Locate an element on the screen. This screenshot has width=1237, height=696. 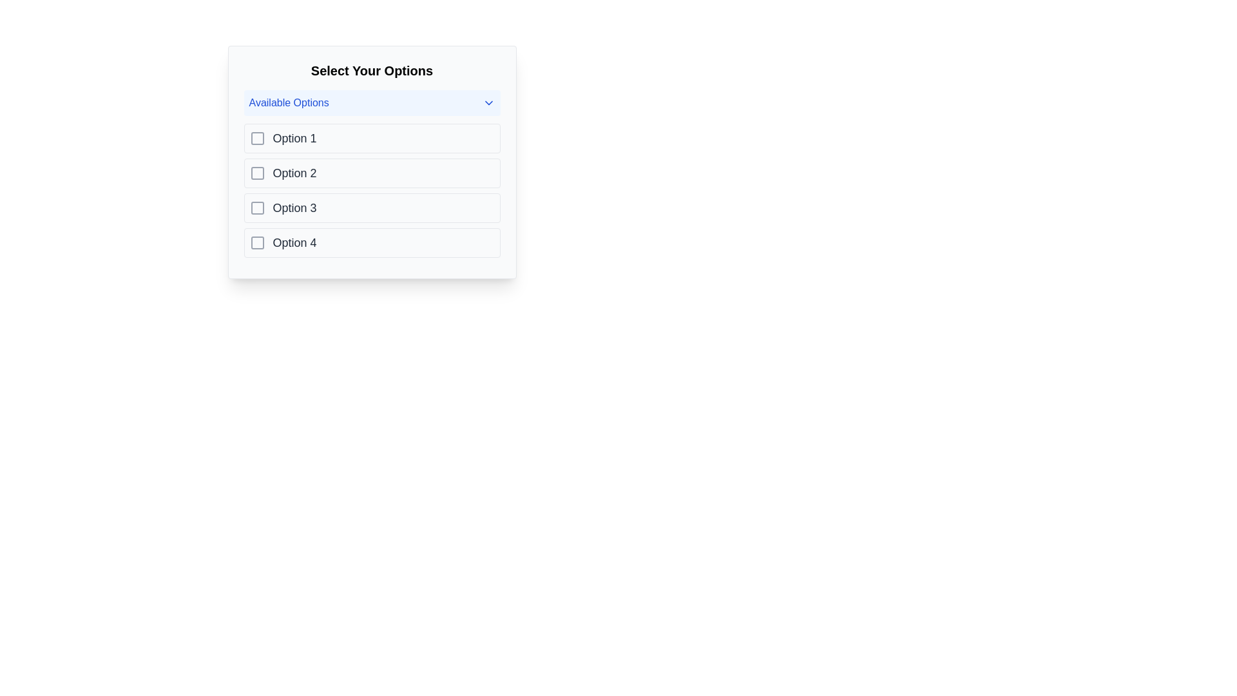
the checkbox or icon located in the leftmost position of the 'Option 3' row is located at coordinates (257, 208).